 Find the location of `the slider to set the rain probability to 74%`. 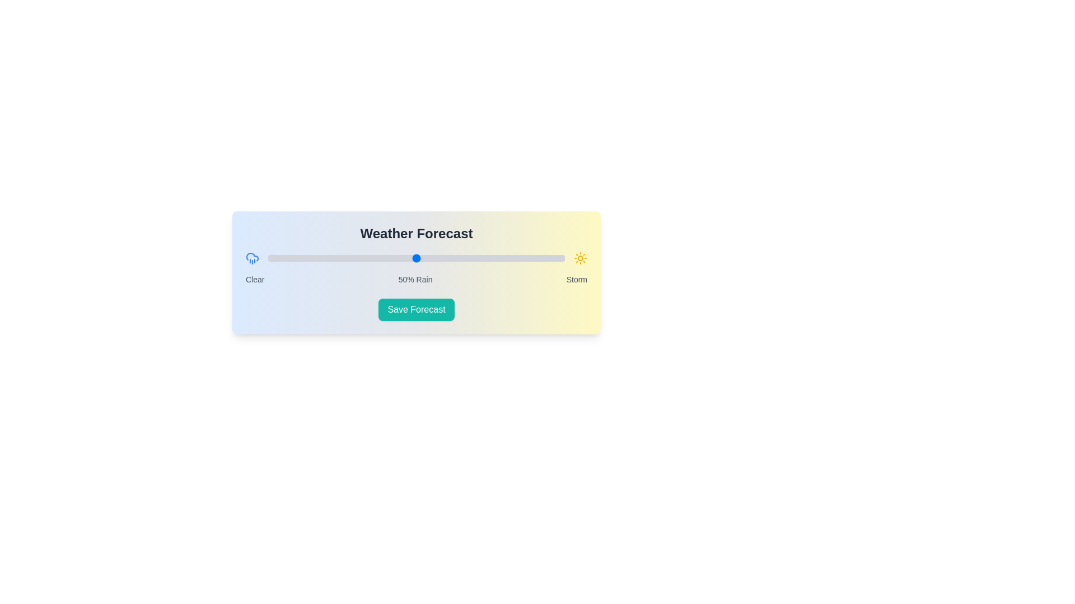

the slider to set the rain probability to 74% is located at coordinates (488, 258).